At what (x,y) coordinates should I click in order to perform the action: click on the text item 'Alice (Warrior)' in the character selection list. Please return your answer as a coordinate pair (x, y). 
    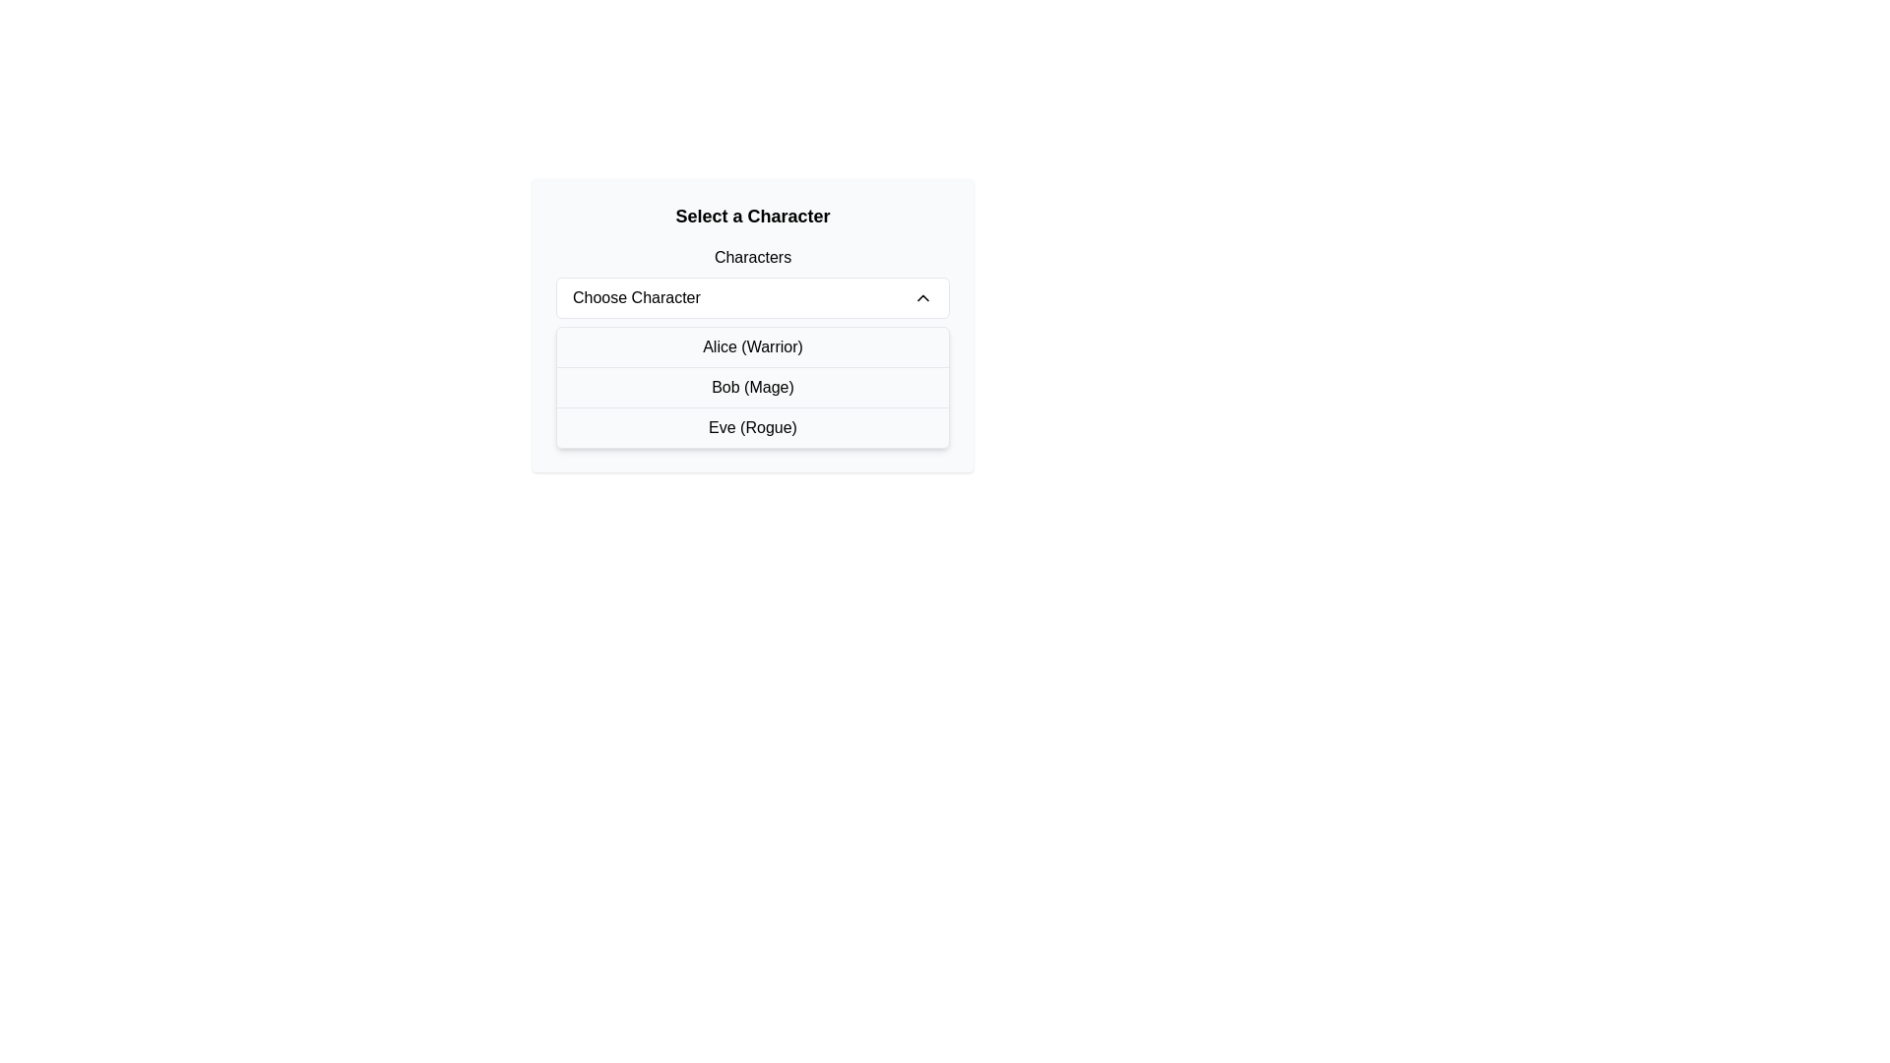
    Looking at the image, I should click on (751, 346).